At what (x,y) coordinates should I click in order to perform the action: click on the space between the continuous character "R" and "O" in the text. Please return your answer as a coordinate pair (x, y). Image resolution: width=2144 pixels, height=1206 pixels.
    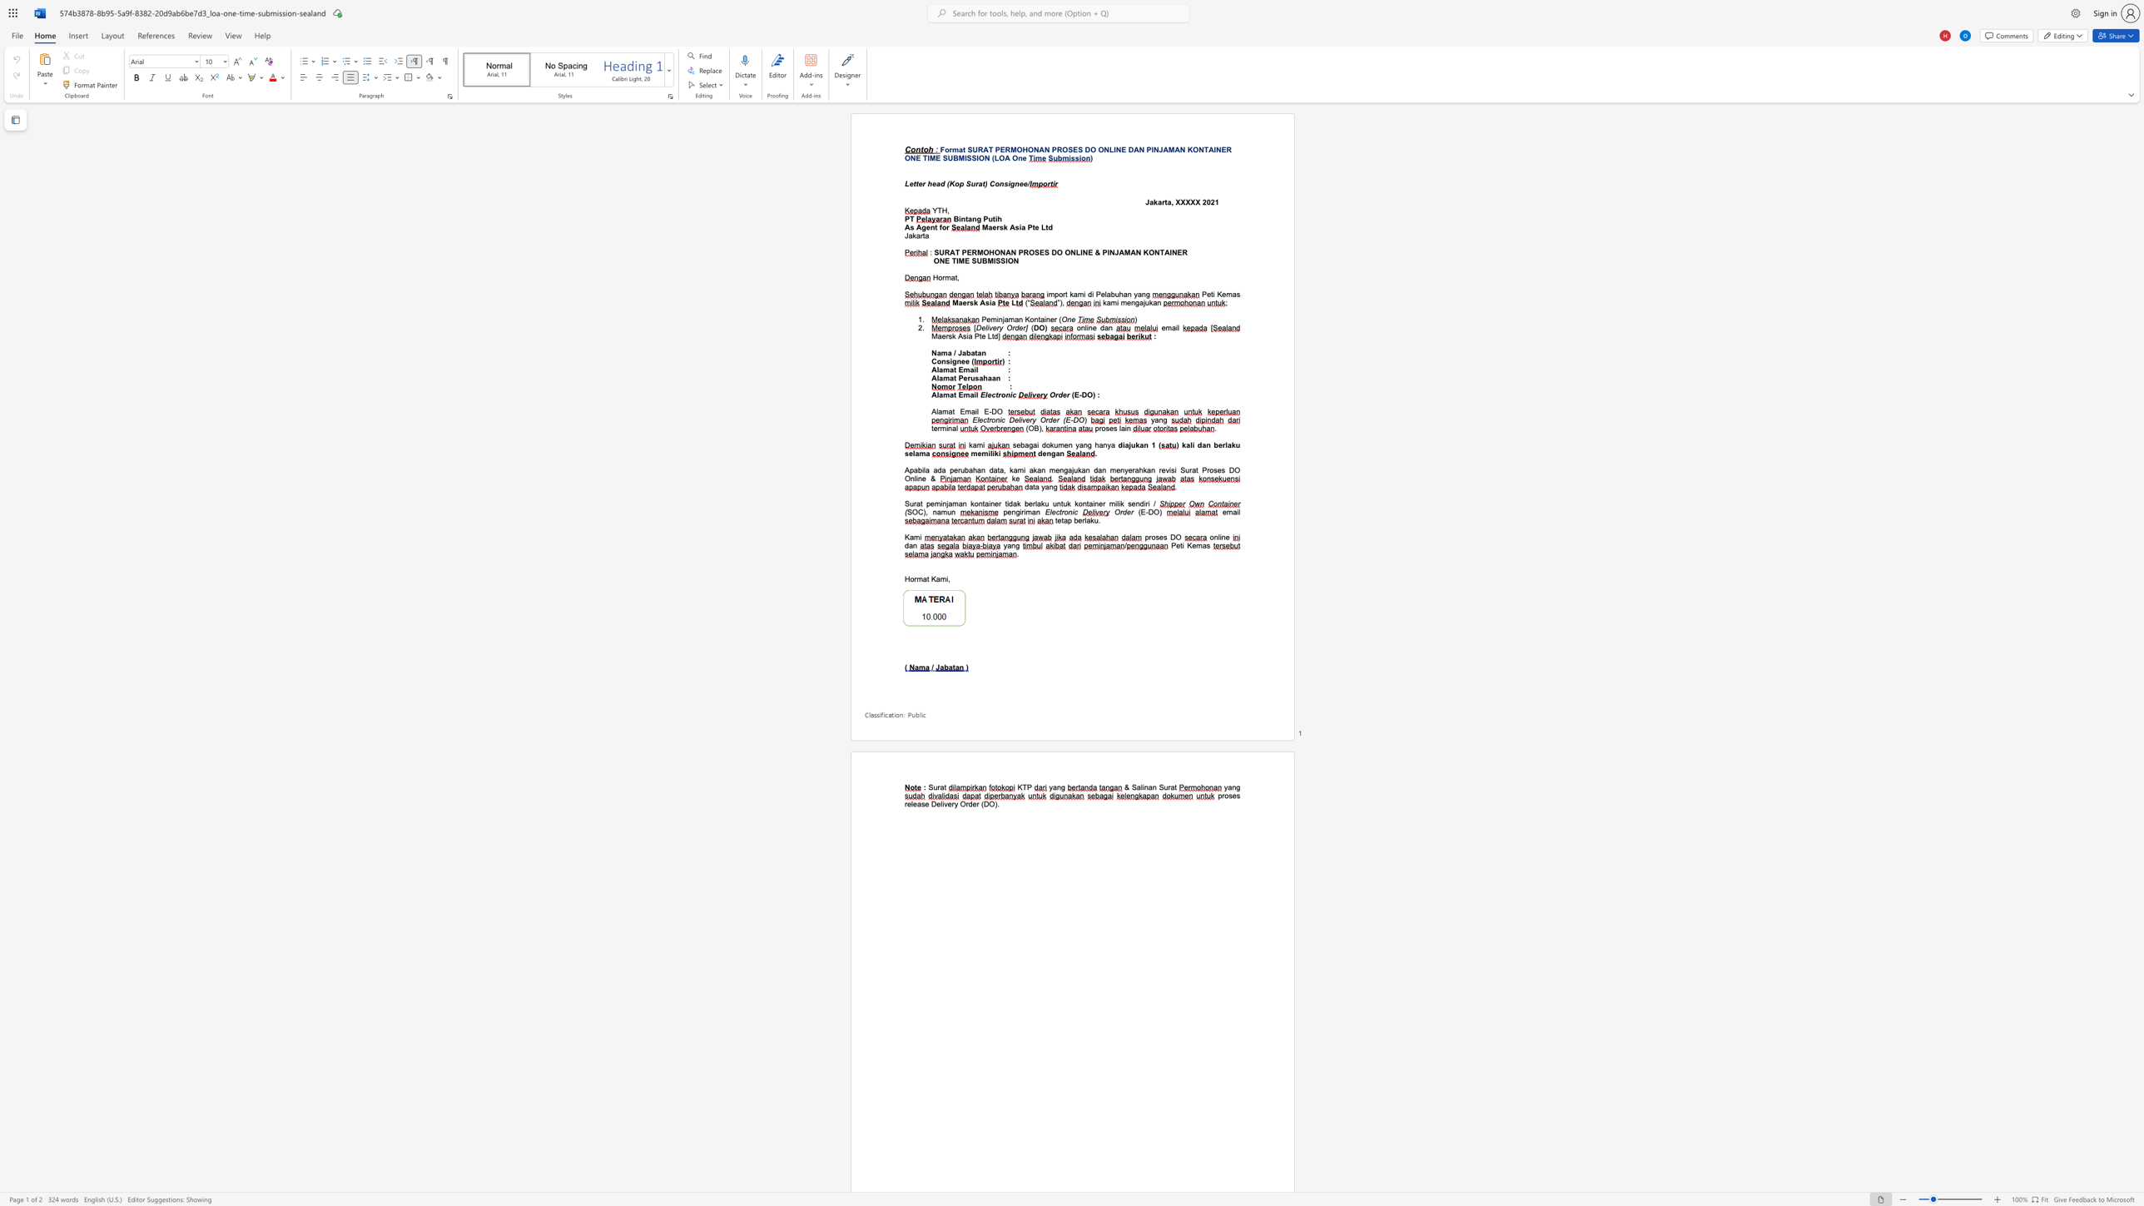
    Looking at the image, I should click on (1027, 252).